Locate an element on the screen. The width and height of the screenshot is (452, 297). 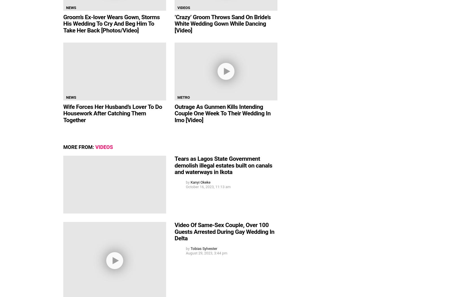
'Video Of Same-Sex Couple, Over 100 Guests Arrested During Gay Wedding In Delta' is located at coordinates (224, 231).